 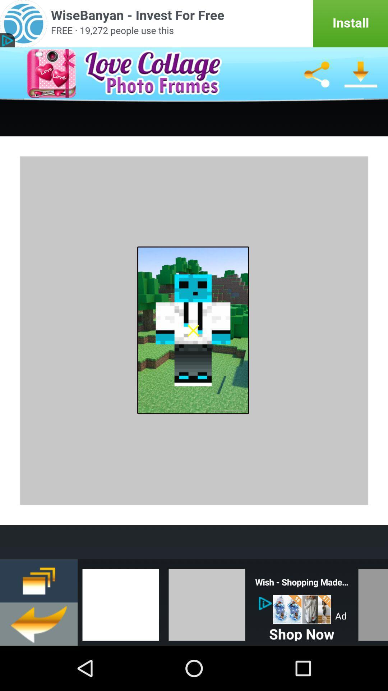 I want to click on change background, so click(x=207, y=602).